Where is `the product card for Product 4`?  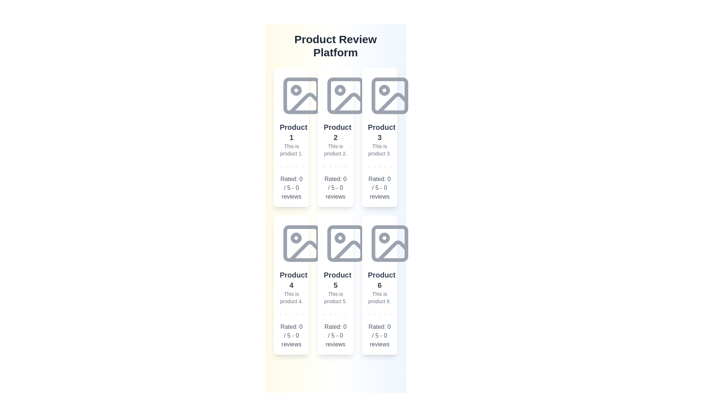 the product card for Product 4 is located at coordinates (291, 285).